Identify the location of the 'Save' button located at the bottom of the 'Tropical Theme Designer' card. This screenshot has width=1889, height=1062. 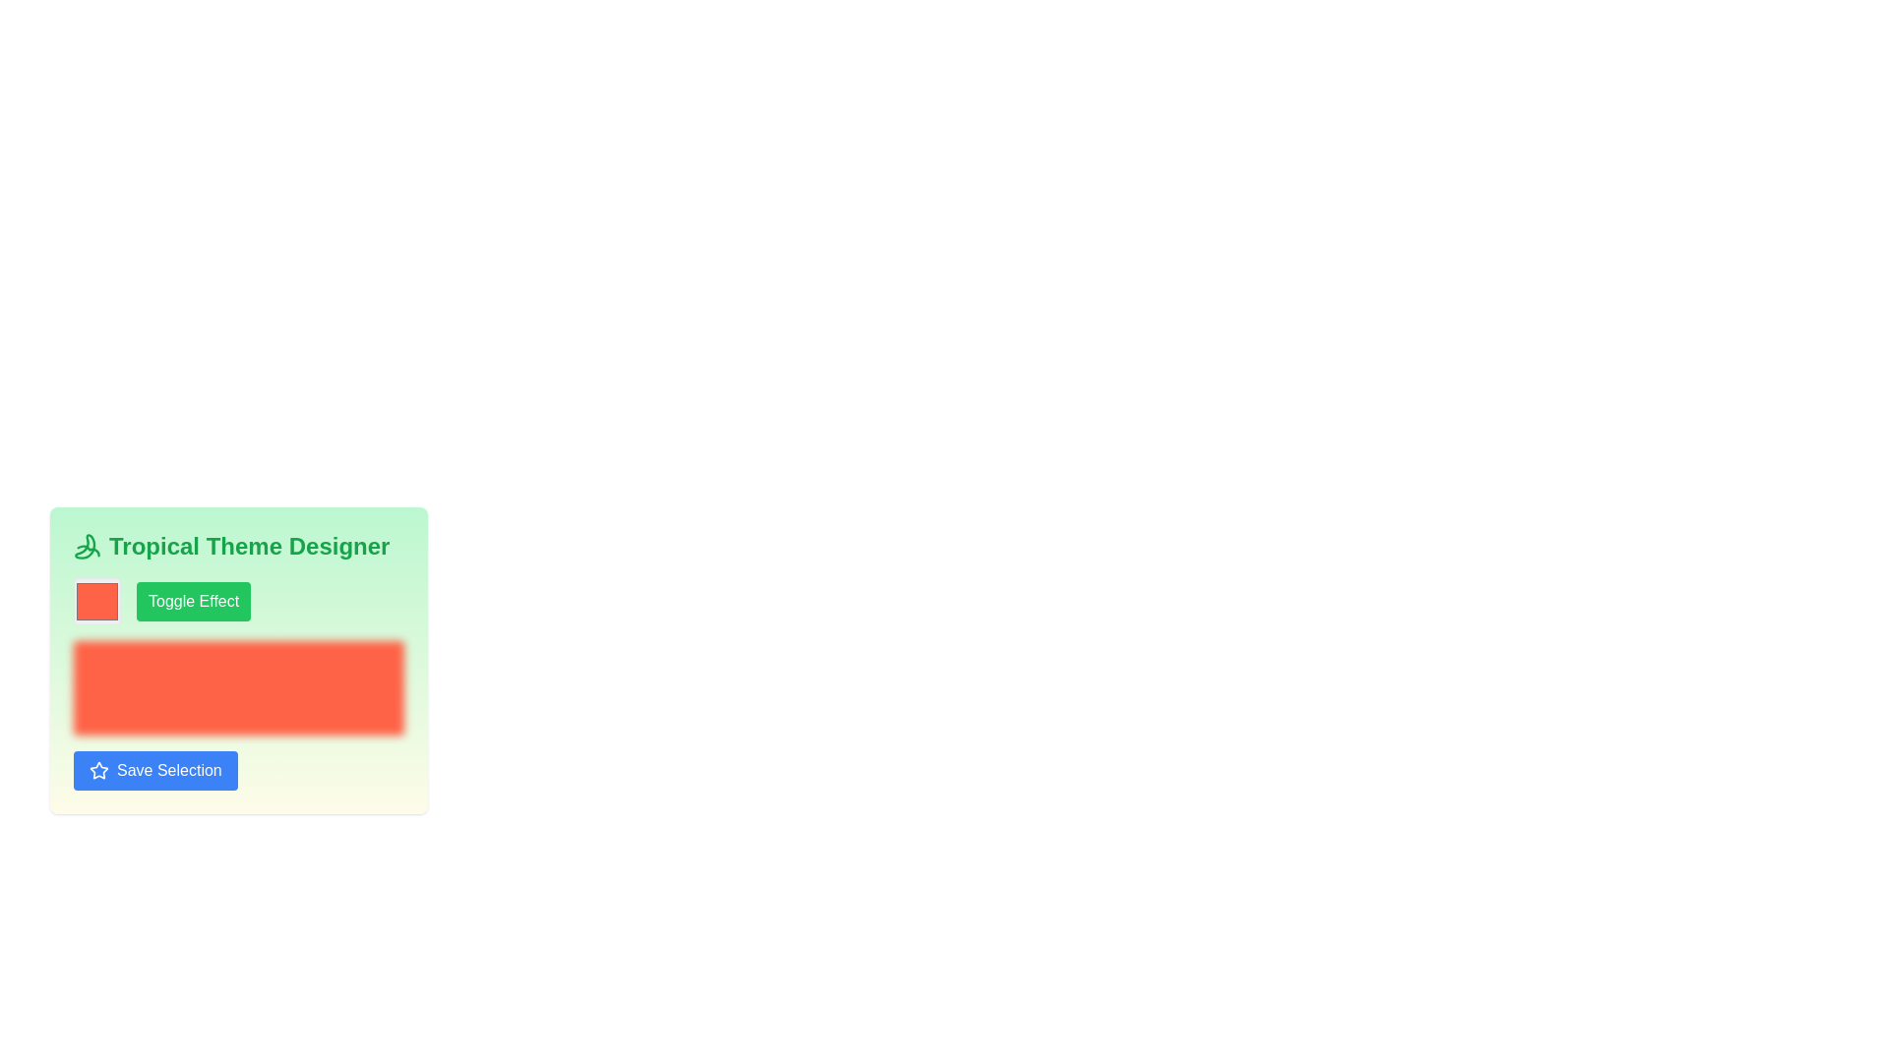
(154, 769).